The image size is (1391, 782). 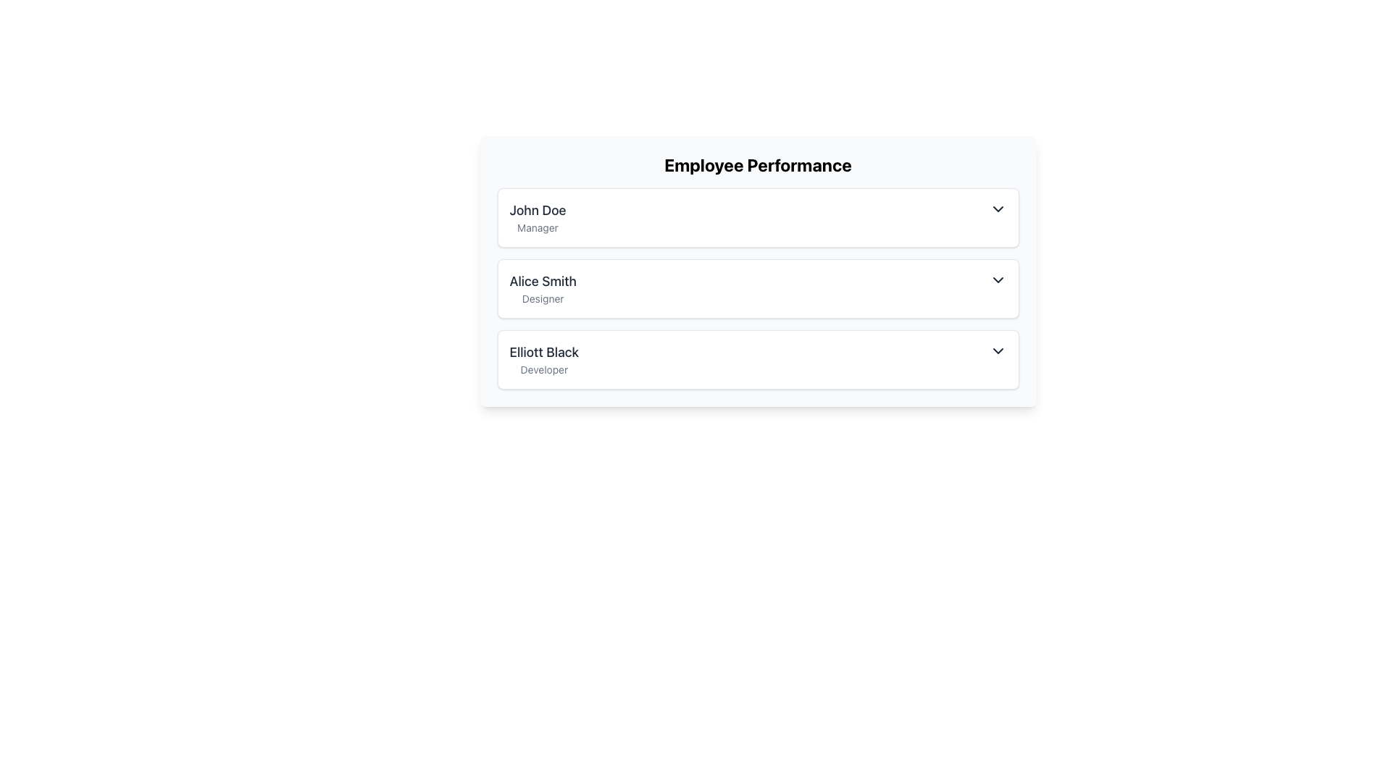 I want to click on the dropdown arrow icon located to the right of 'Elliott Black - Developer', which is a small downward-pointing black arrow used for dropdown toggles, so click(x=997, y=351).